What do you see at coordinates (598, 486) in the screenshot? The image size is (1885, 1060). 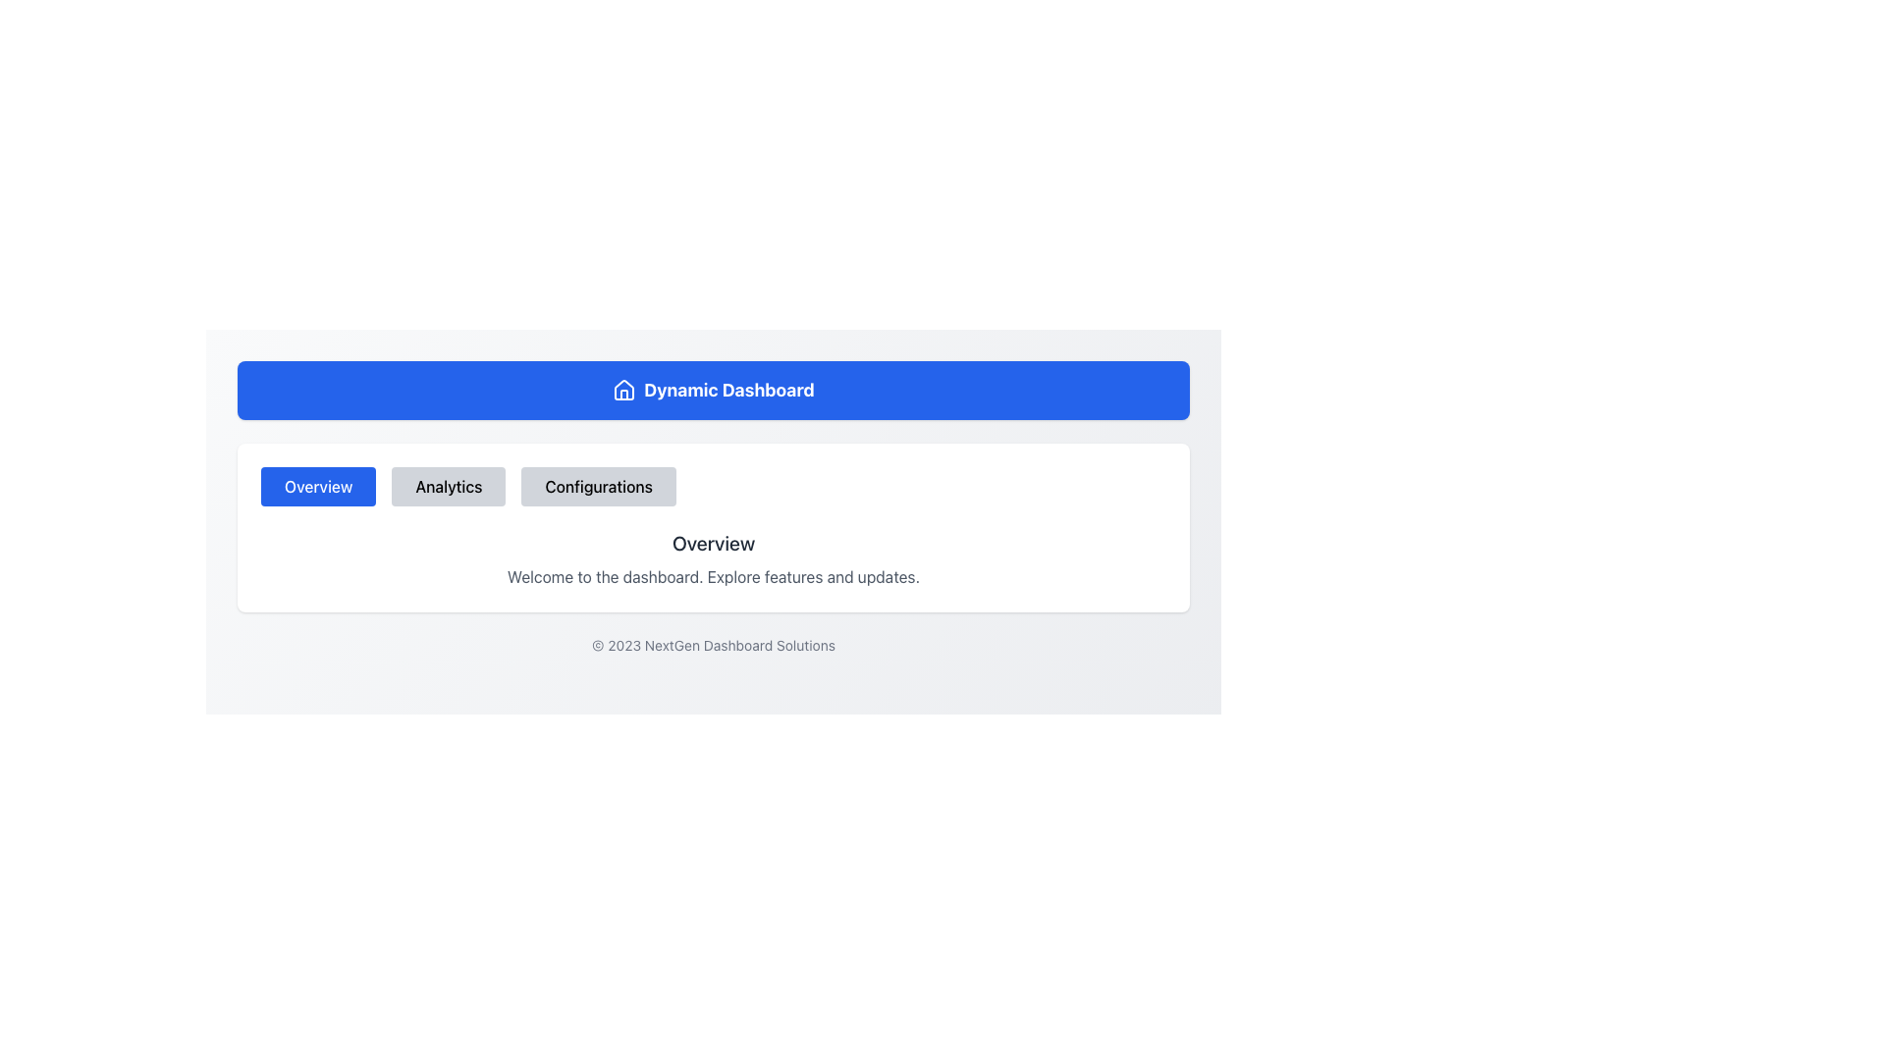 I see `the 'Configurations' navigation button, which is the third button in a row of three, to change its background color` at bounding box center [598, 486].